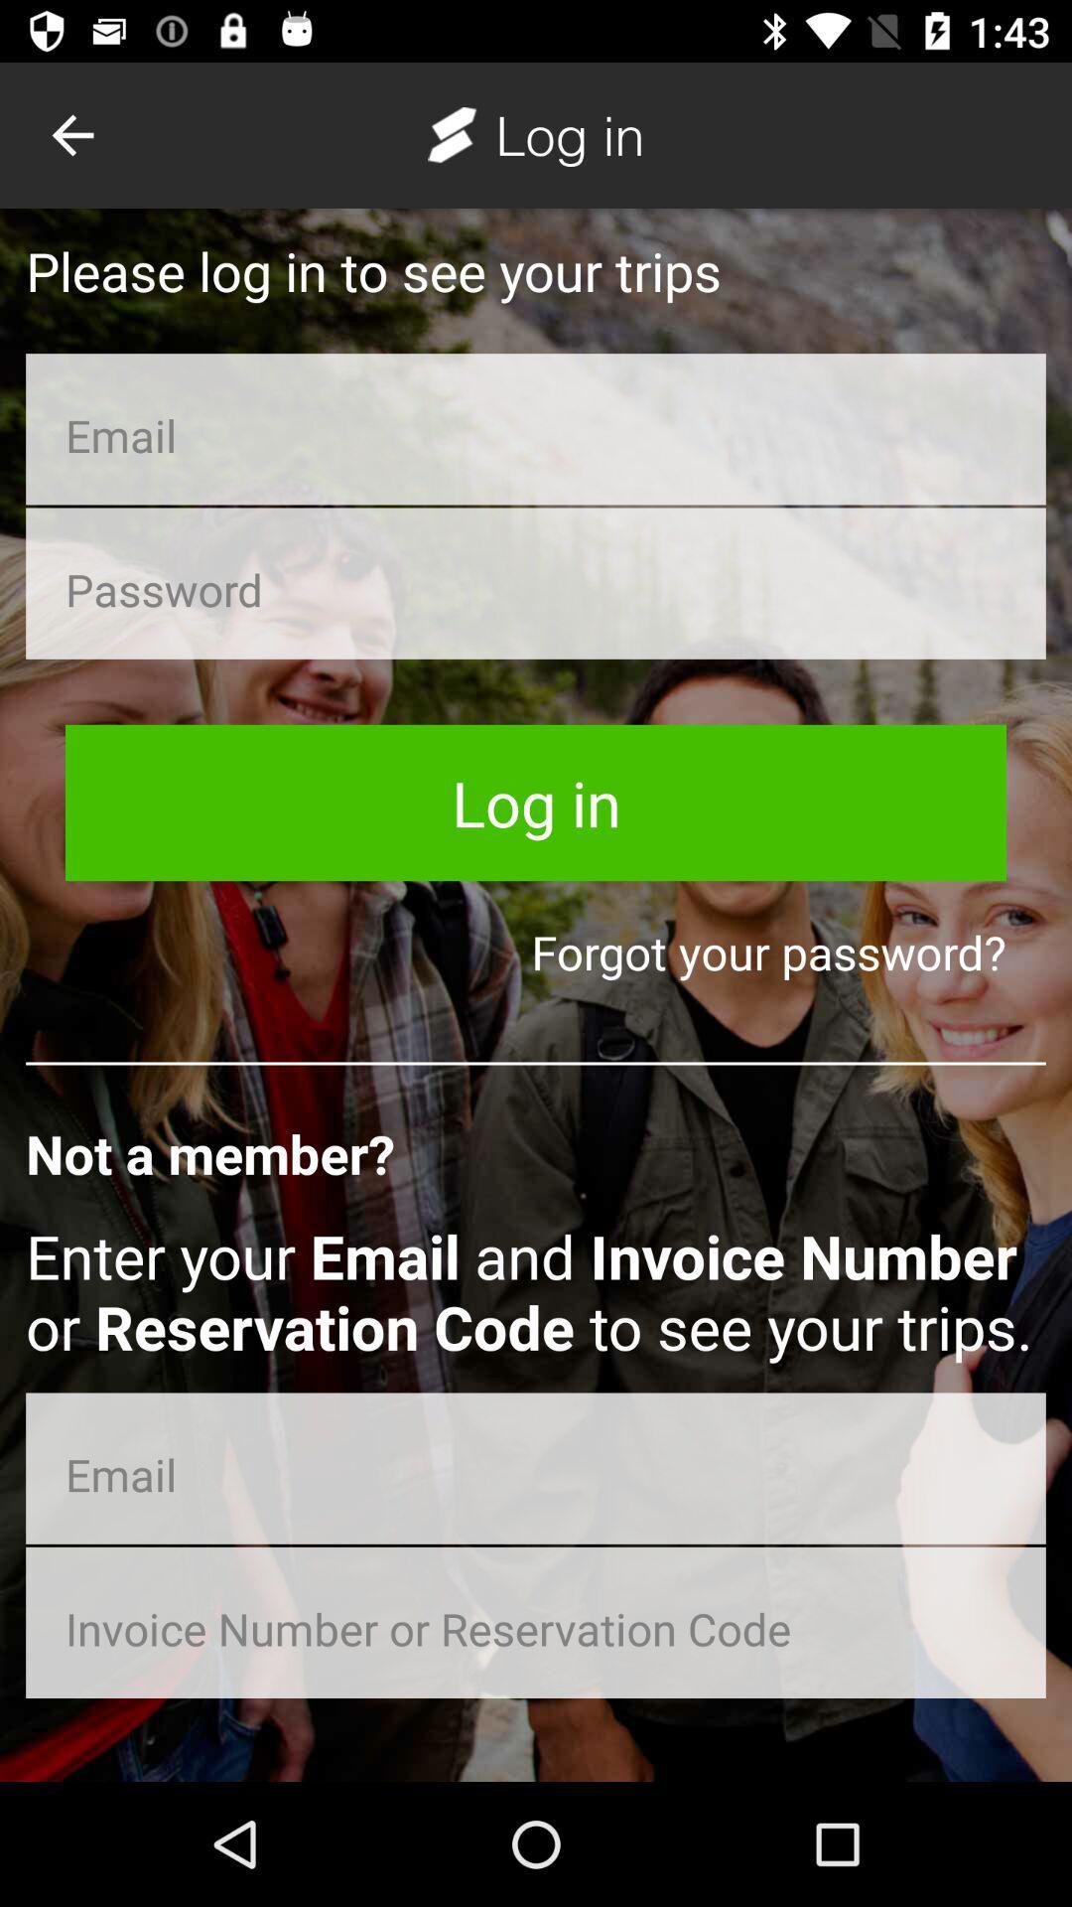  I want to click on email, so click(536, 1468).